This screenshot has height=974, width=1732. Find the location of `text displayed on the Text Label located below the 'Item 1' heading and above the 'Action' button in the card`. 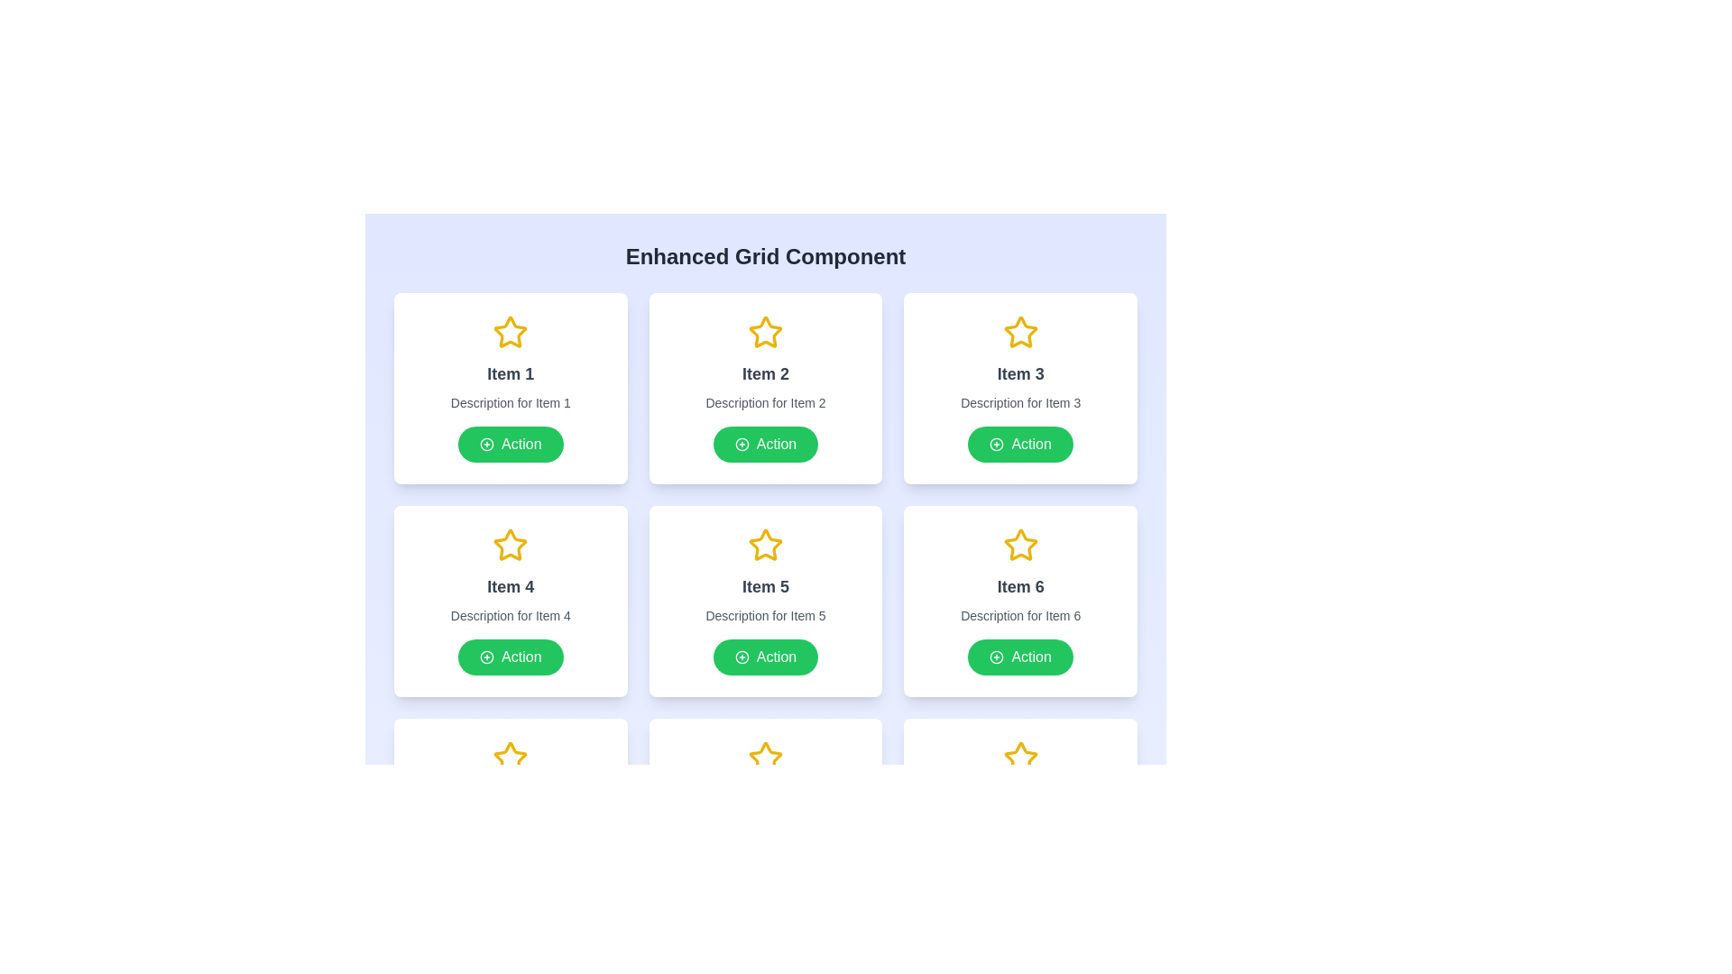

text displayed on the Text Label located below the 'Item 1' heading and above the 'Action' button in the card is located at coordinates (510, 402).